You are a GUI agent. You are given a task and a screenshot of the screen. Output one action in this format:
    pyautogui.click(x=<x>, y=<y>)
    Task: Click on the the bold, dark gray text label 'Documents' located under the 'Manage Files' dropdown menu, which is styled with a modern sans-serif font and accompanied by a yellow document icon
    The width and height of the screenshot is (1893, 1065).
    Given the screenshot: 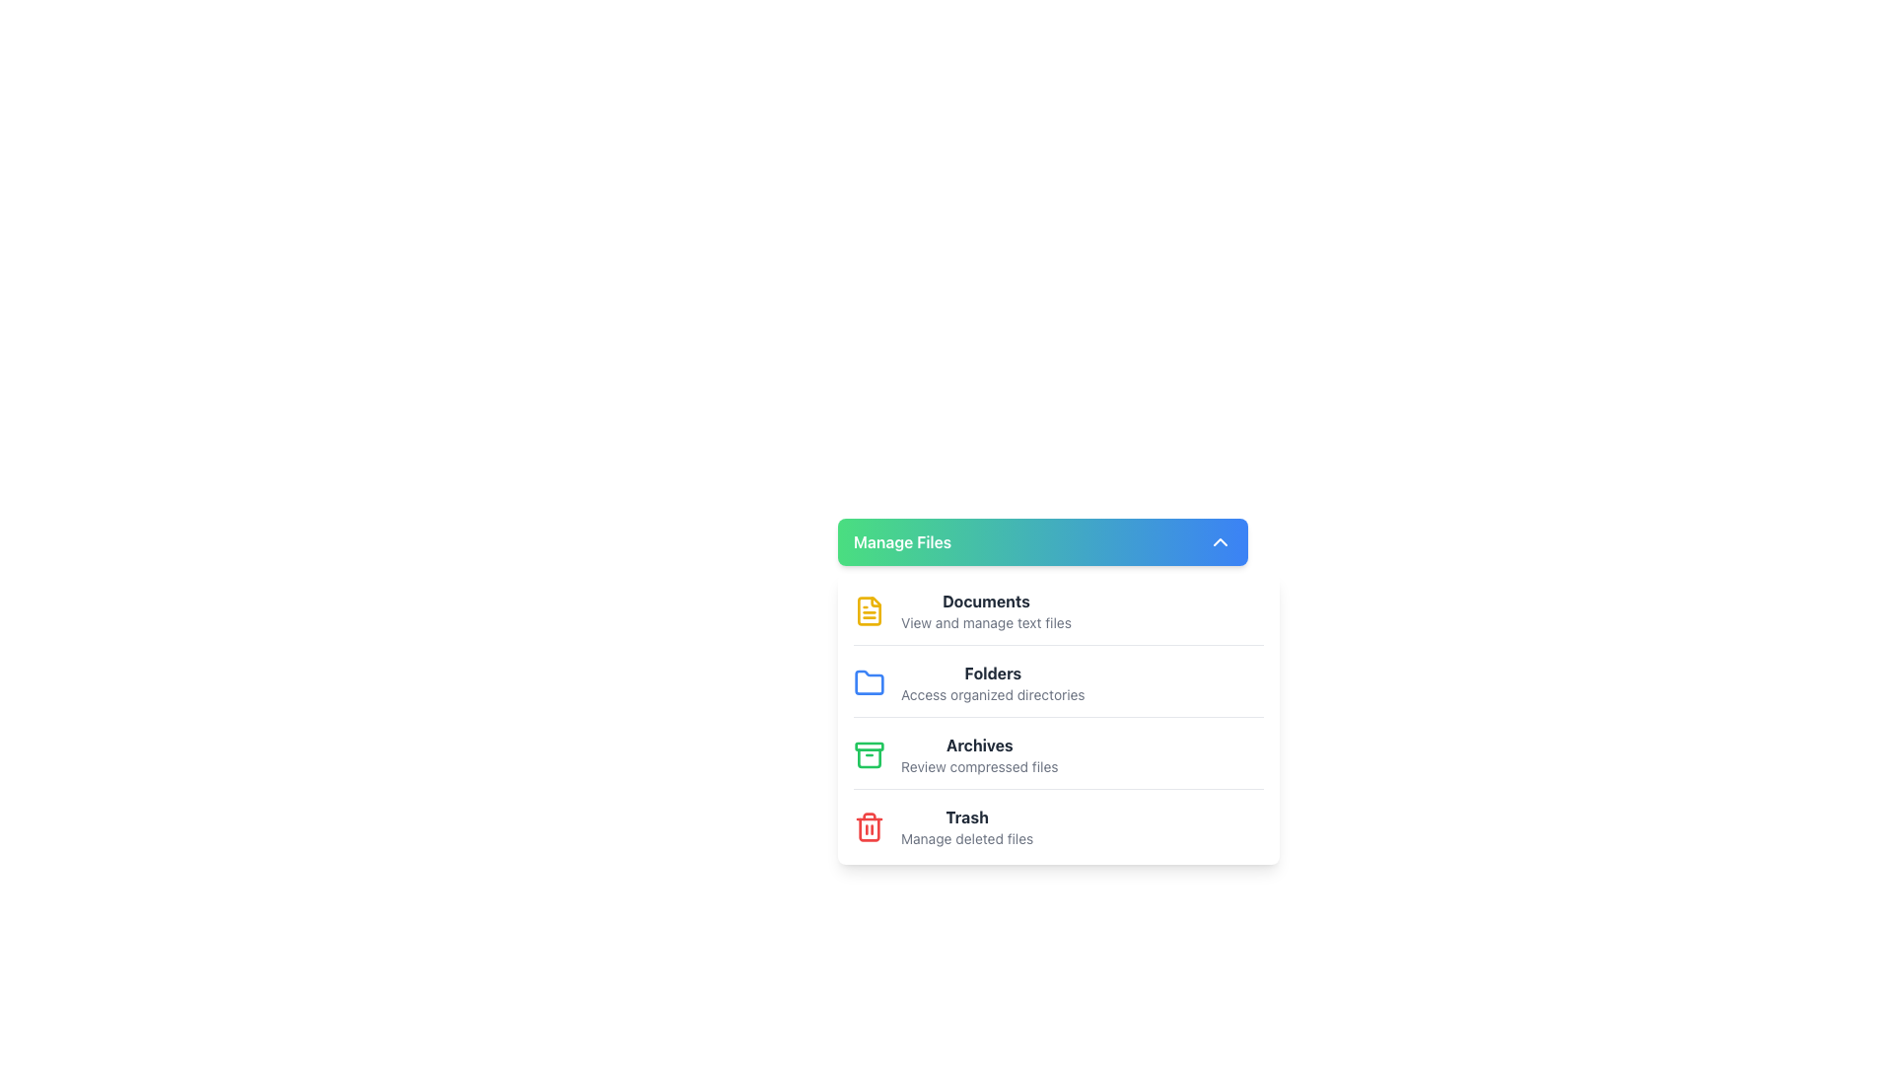 What is the action you would take?
    pyautogui.click(x=986, y=600)
    